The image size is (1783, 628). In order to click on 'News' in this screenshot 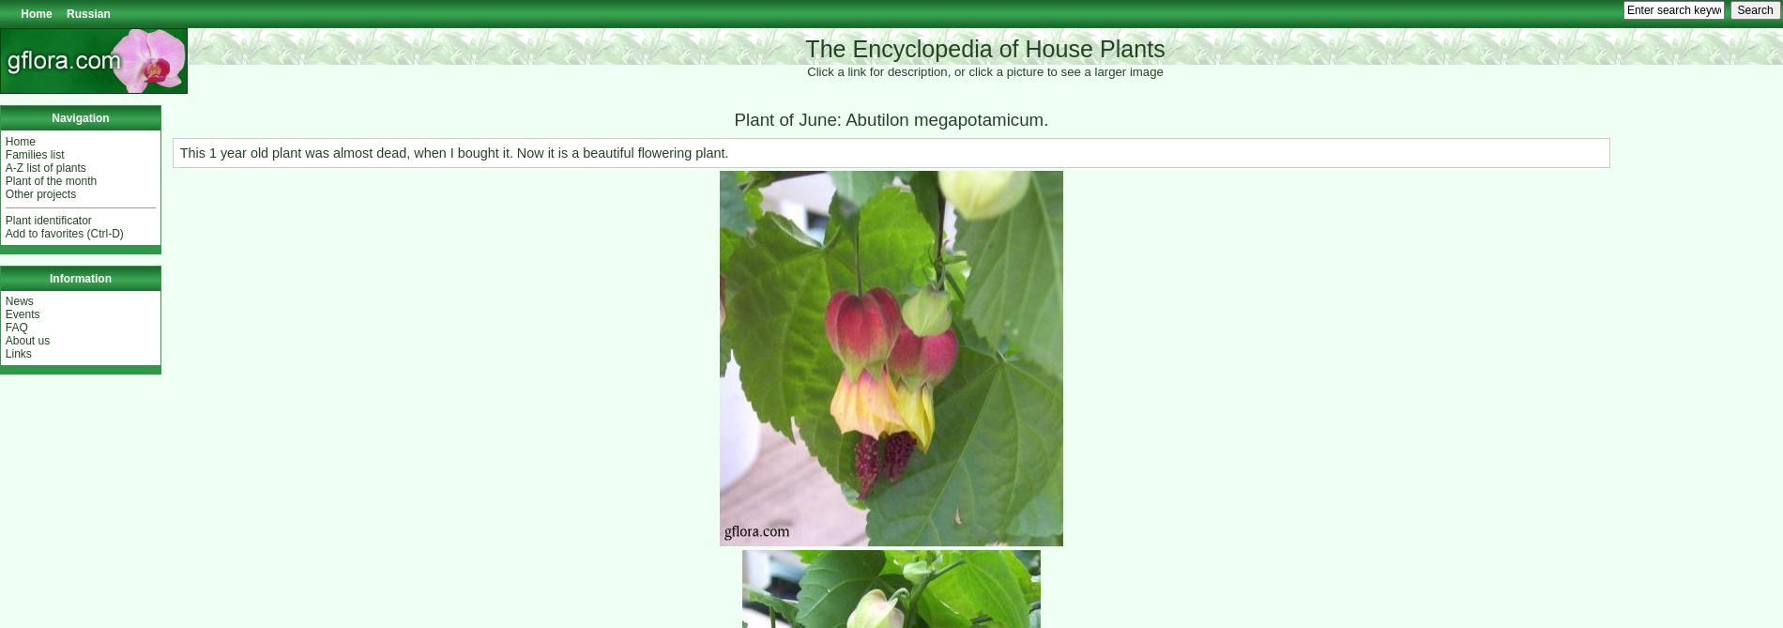, I will do `click(18, 300)`.